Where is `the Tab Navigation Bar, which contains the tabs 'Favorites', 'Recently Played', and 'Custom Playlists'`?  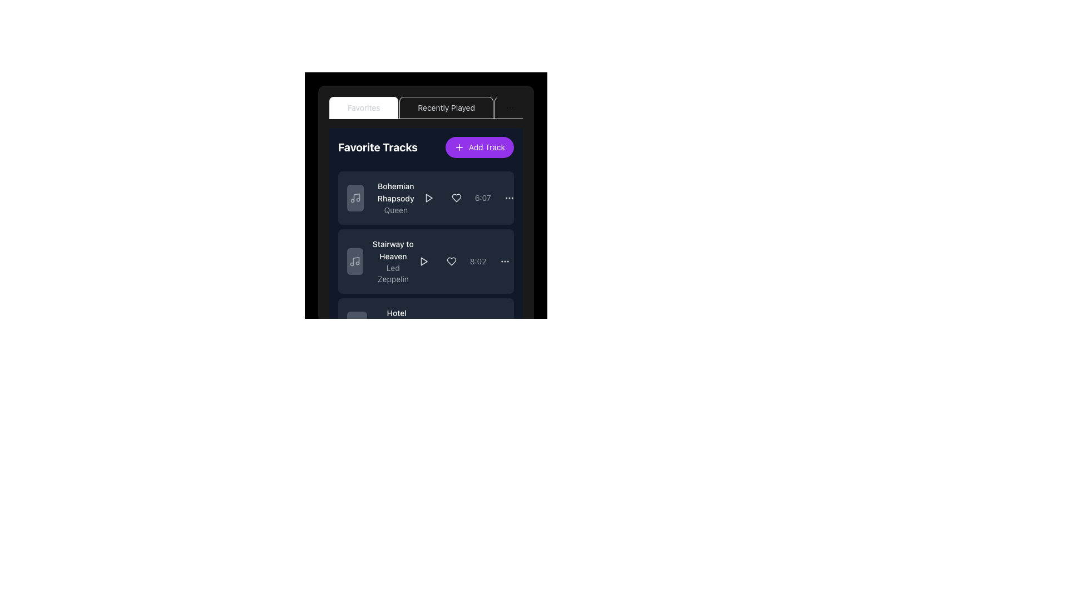 the Tab Navigation Bar, which contains the tabs 'Favorites', 'Recently Played', and 'Custom Playlists' is located at coordinates (426, 107).